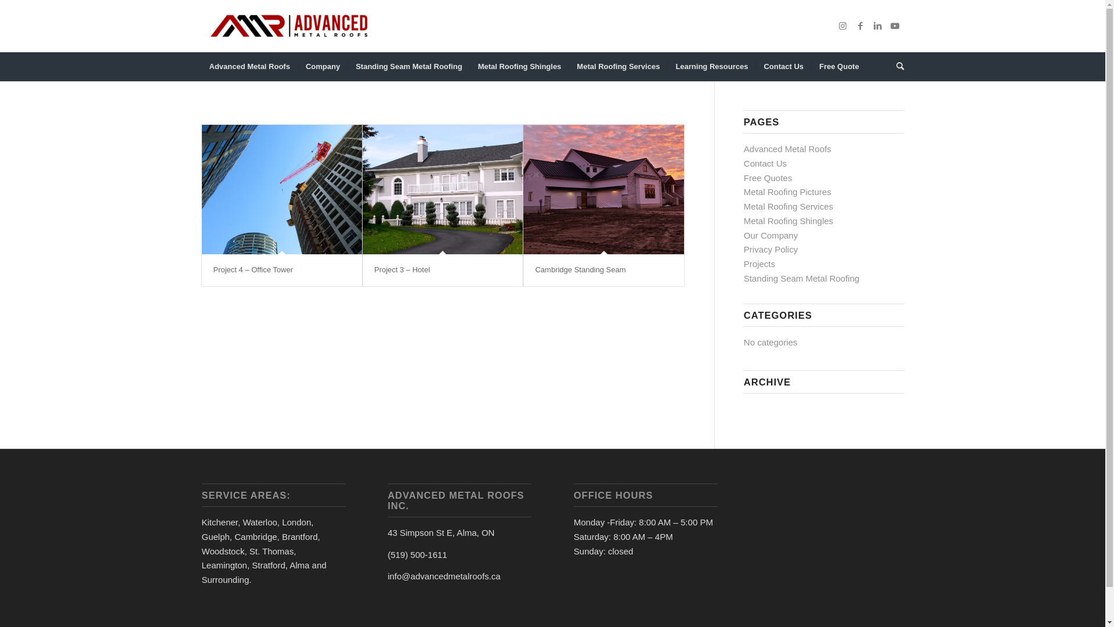  What do you see at coordinates (783, 67) in the screenshot?
I see `'Contact Us'` at bounding box center [783, 67].